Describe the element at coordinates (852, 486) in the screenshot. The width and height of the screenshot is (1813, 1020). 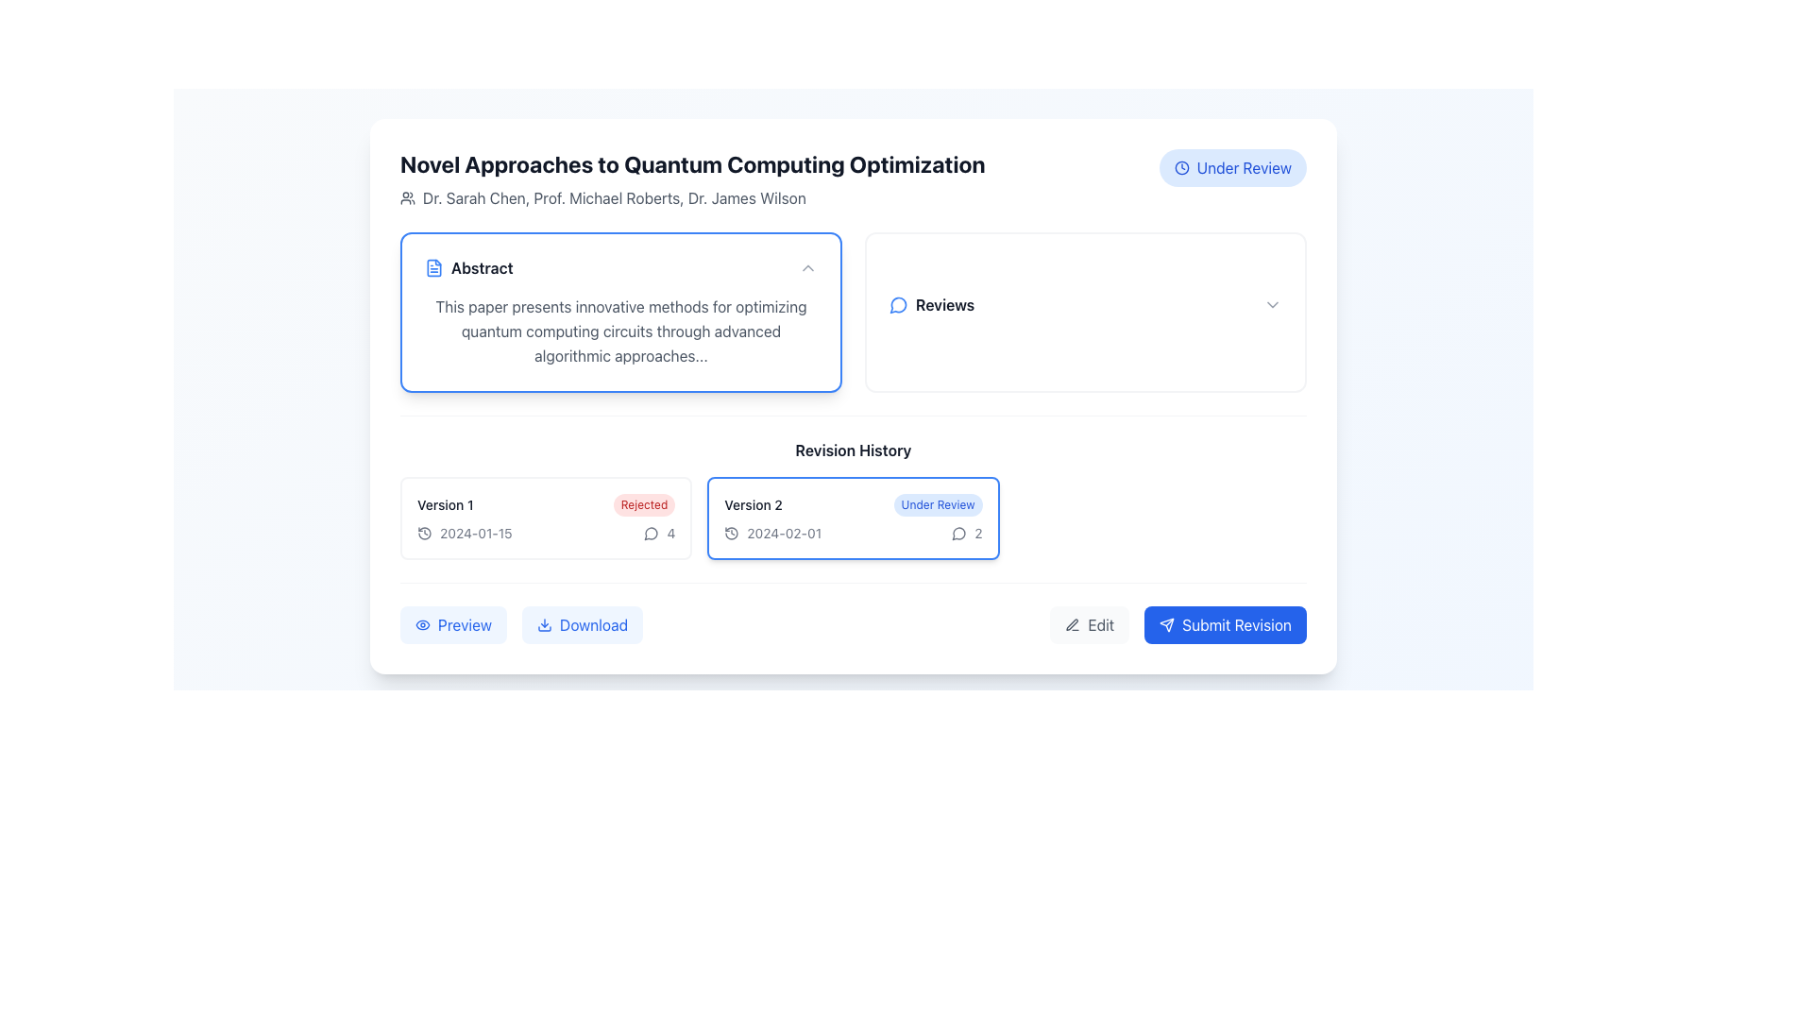
I see `the version summary in the 'Revision History' section` at that location.